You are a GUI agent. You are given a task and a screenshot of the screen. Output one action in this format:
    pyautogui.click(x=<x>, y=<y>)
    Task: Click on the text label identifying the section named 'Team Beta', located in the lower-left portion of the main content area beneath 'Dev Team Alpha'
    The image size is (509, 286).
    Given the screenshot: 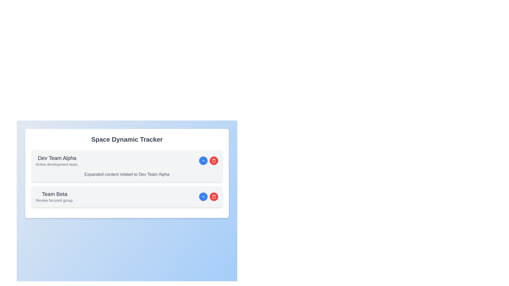 What is the action you would take?
    pyautogui.click(x=55, y=194)
    